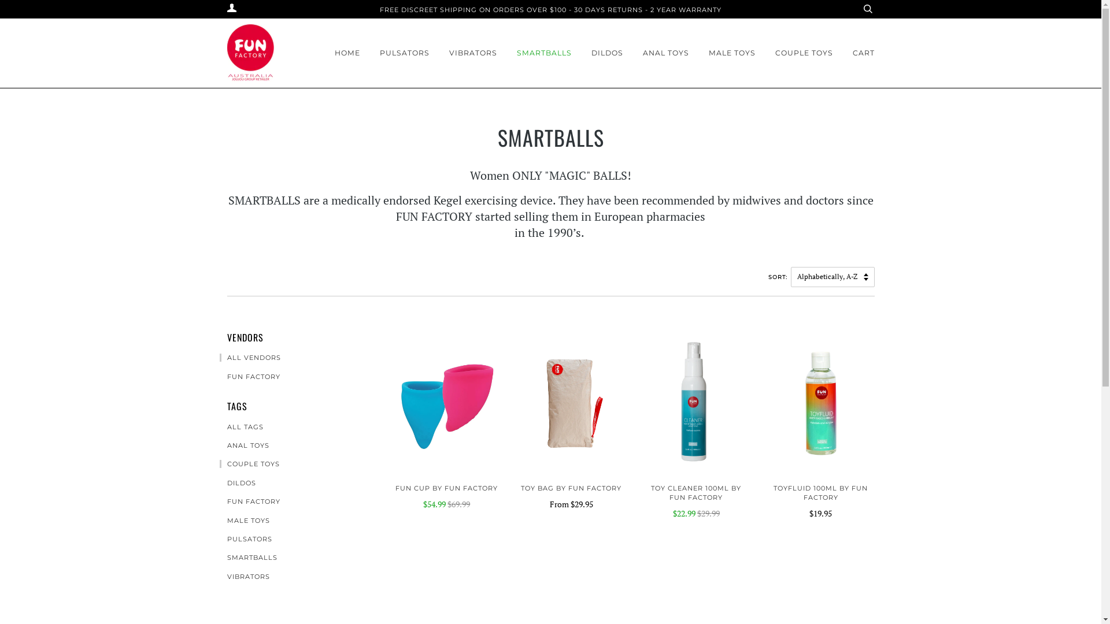 This screenshot has height=624, width=1110. I want to click on 'VIBRATORS', so click(472, 53).